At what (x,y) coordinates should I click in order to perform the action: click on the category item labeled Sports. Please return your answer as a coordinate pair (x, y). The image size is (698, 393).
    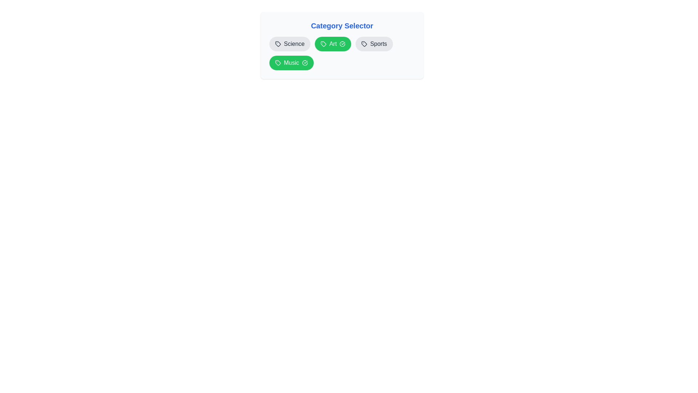
    Looking at the image, I should click on (374, 44).